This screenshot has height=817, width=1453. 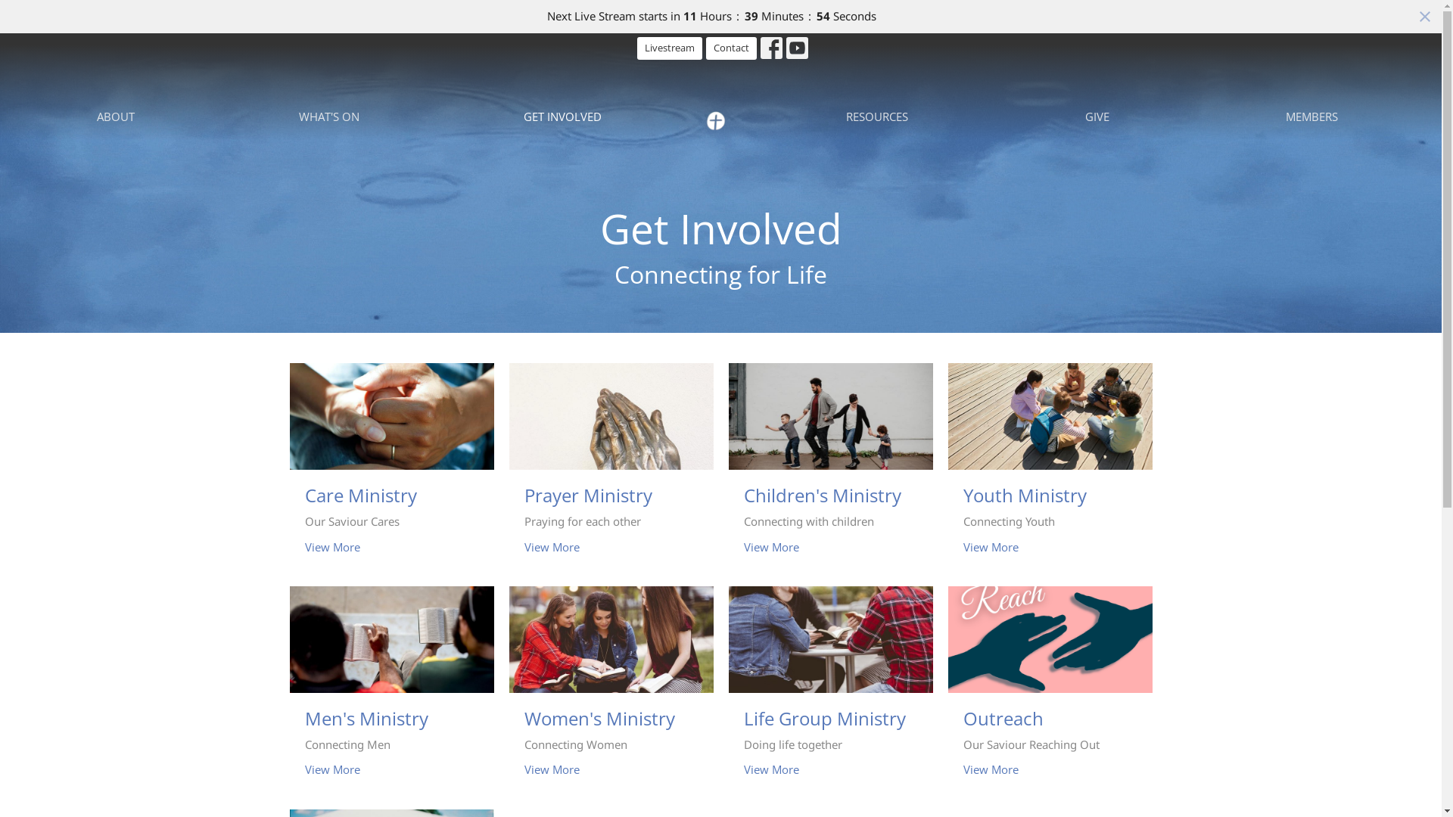 What do you see at coordinates (610, 690) in the screenshot?
I see `'Women's Ministry` at bounding box center [610, 690].